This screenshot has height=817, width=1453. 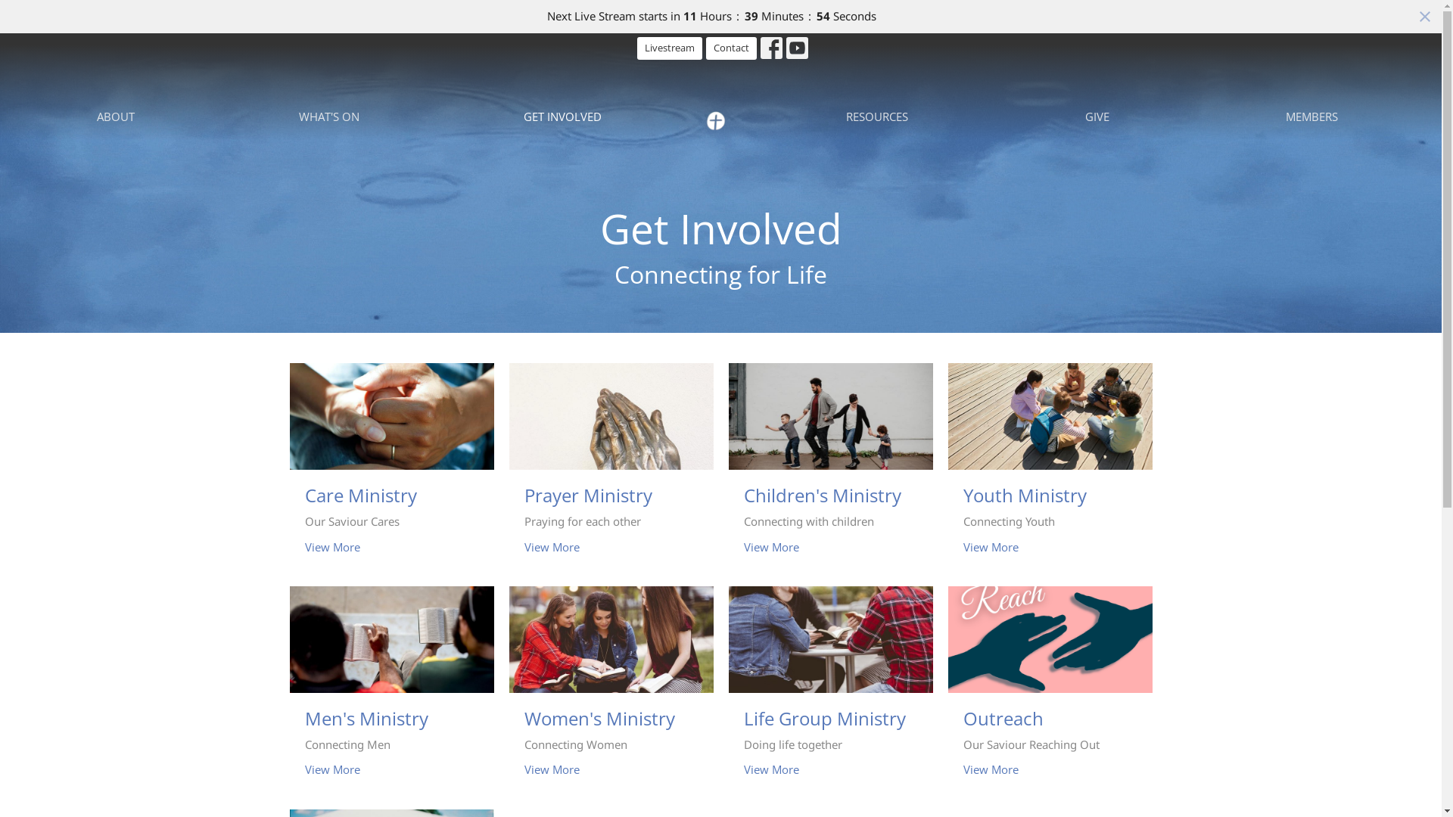 What do you see at coordinates (610, 690) in the screenshot?
I see `'Women's Ministry` at bounding box center [610, 690].